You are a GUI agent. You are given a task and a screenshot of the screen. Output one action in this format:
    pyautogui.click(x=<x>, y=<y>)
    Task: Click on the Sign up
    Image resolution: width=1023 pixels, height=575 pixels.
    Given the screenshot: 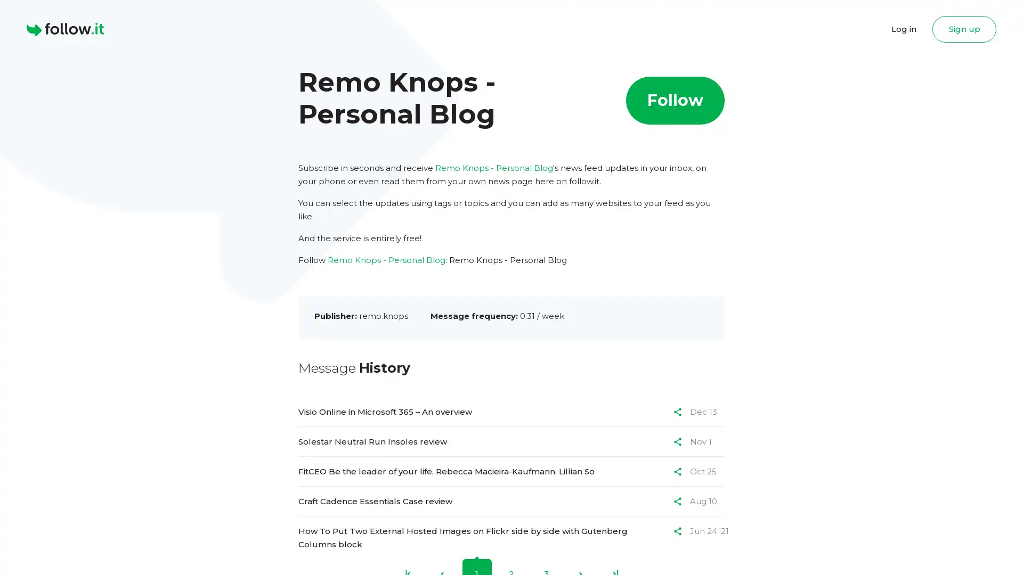 What is the action you would take?
    pyautogui.click(x=964, y=28)
    